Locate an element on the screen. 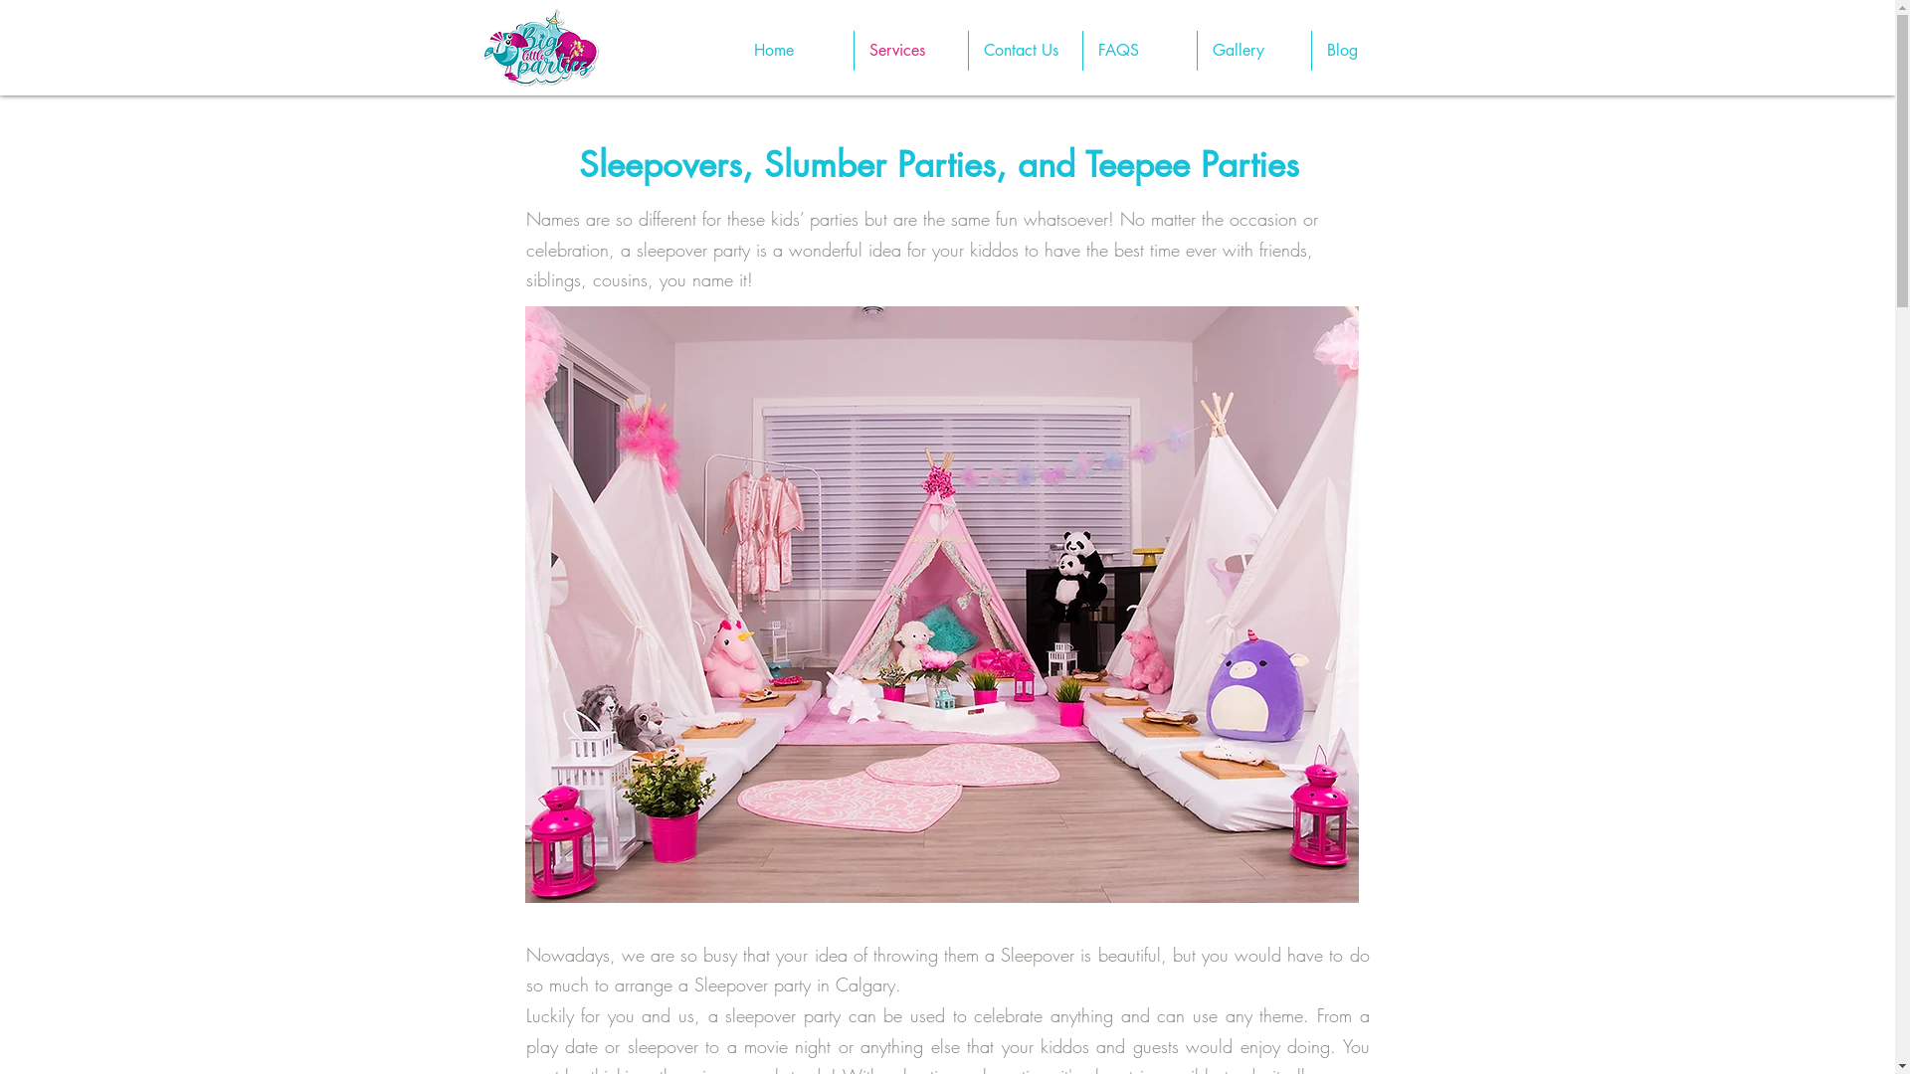 Image resolution: width=1910 pixels, height=1074 pixels. 'Gallery' is located at coordinates (1253, 49).